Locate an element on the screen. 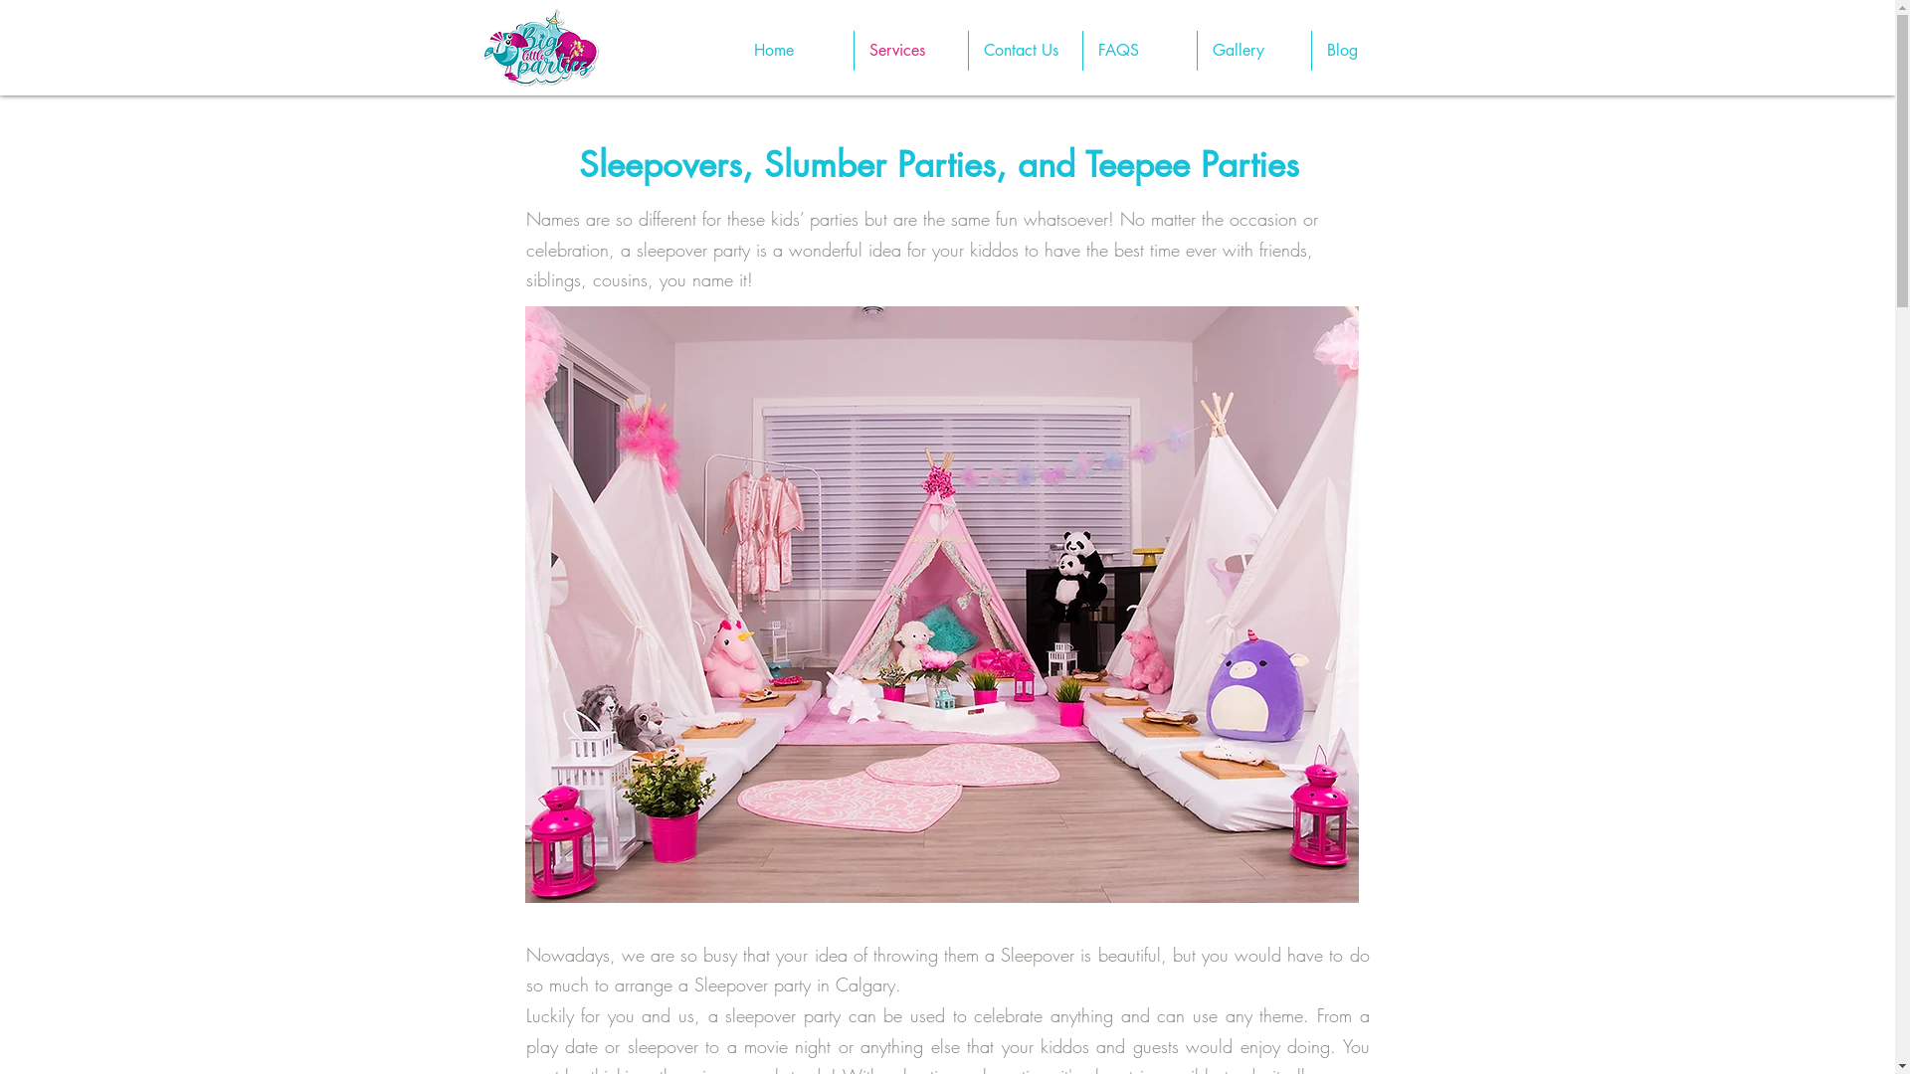 Image resolution: width=1910 pixels, height=1074 pixels. 'Gallery' is located at coordinates (1253, 49).